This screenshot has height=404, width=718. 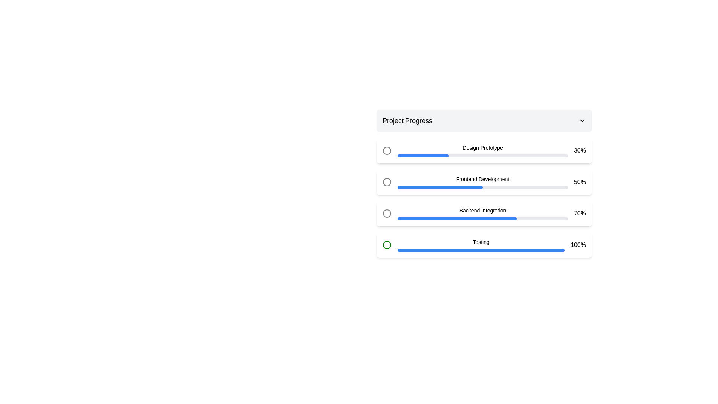 I want to click on the second text label in the 'Project Progress' section, which serves as a descriptor for the associated progress step, so click(x=483, y=179).